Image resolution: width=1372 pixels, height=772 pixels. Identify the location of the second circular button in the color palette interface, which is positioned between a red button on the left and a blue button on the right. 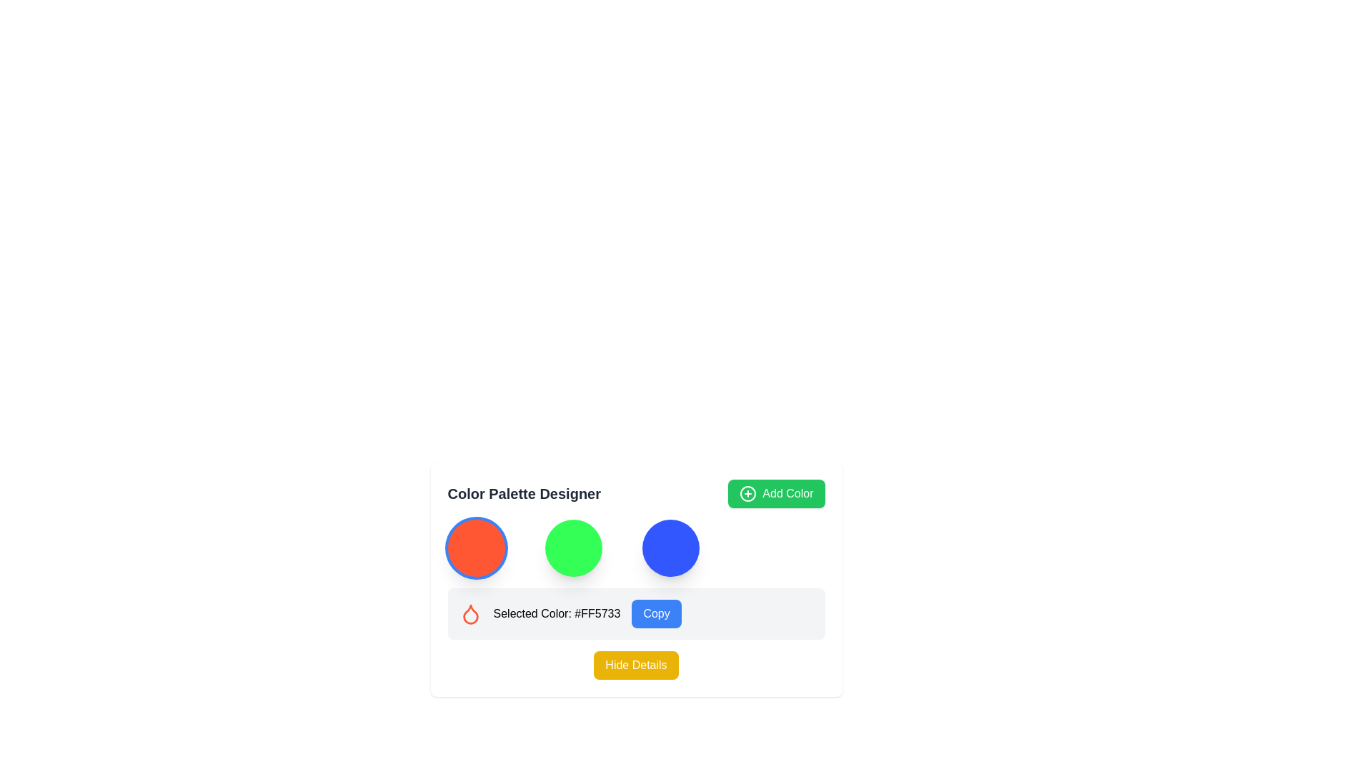
(573, 548).